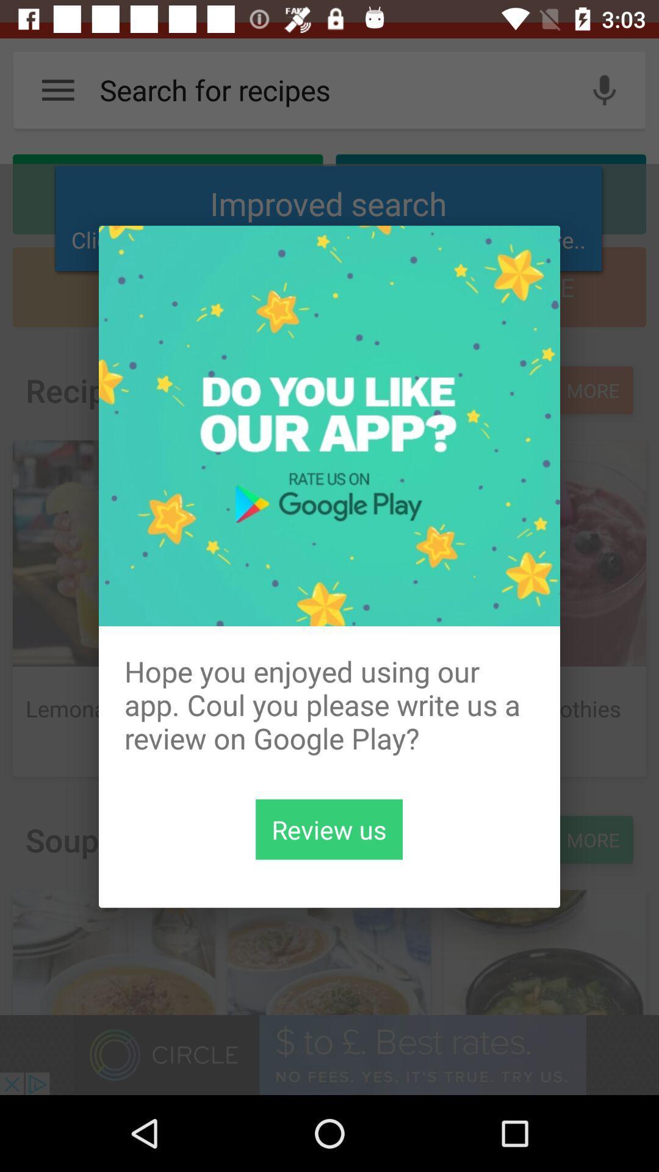 The image size is (659, 1172). I want to click on review us, so click(328, 829).